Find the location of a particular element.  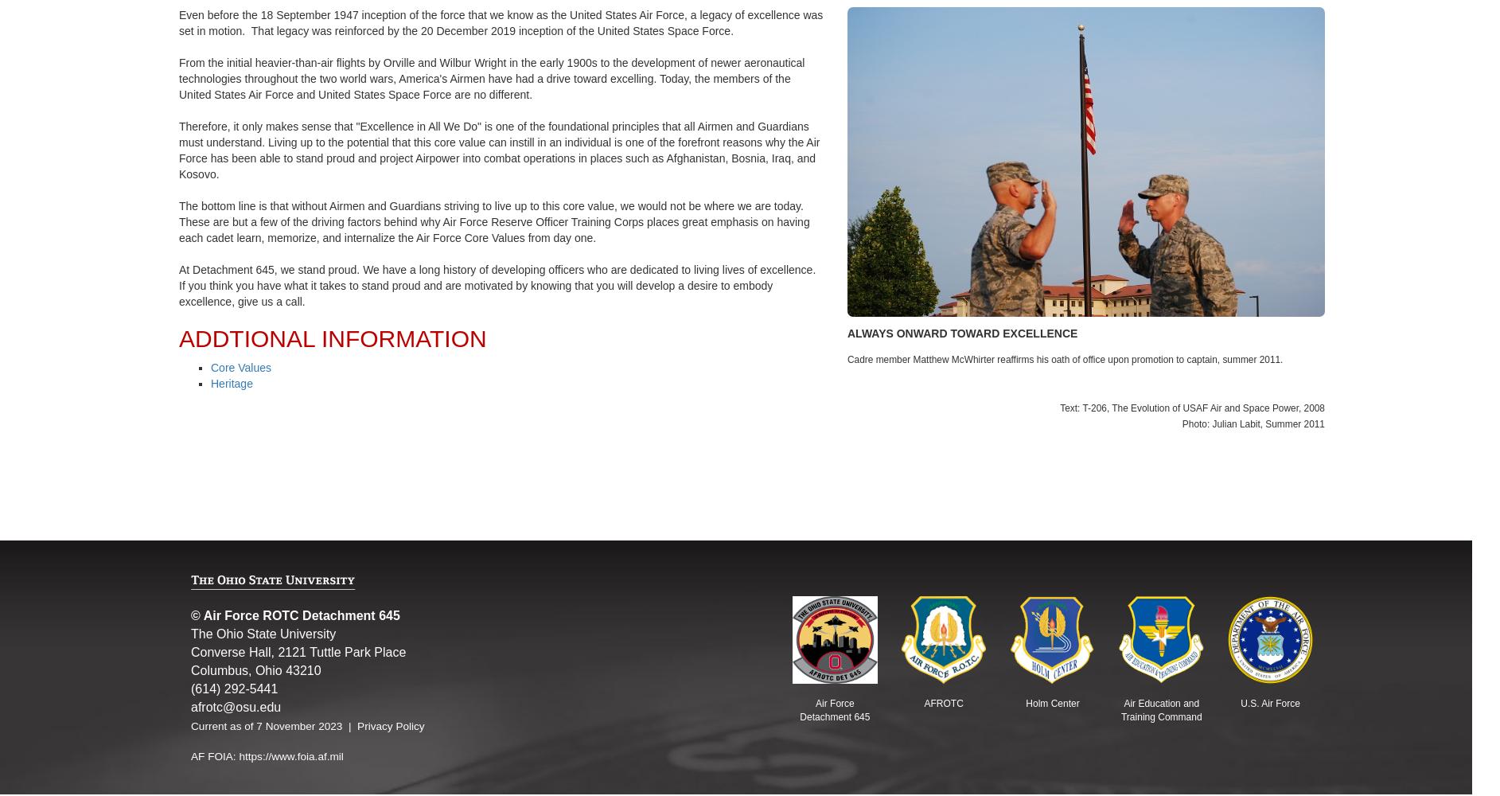

'© Air Force ROTC Detachment 645' is located at coordinates (294, 615).